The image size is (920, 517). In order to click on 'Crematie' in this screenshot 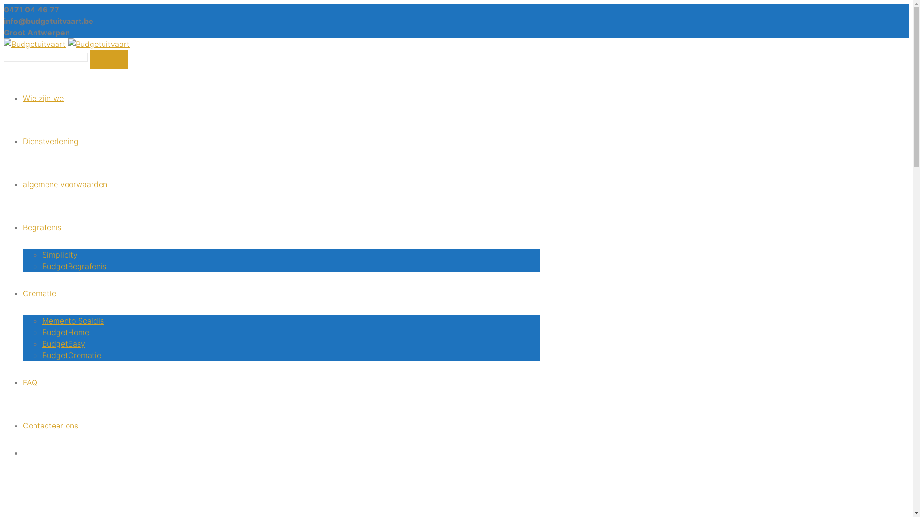, I will do `click(39, 293)`.